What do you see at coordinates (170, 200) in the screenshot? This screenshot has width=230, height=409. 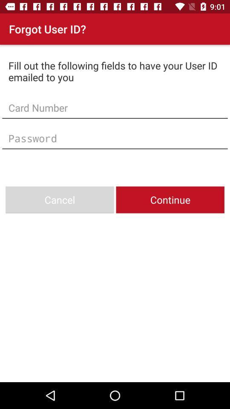 I see `continue on the right` at bounding box center [170, 200].